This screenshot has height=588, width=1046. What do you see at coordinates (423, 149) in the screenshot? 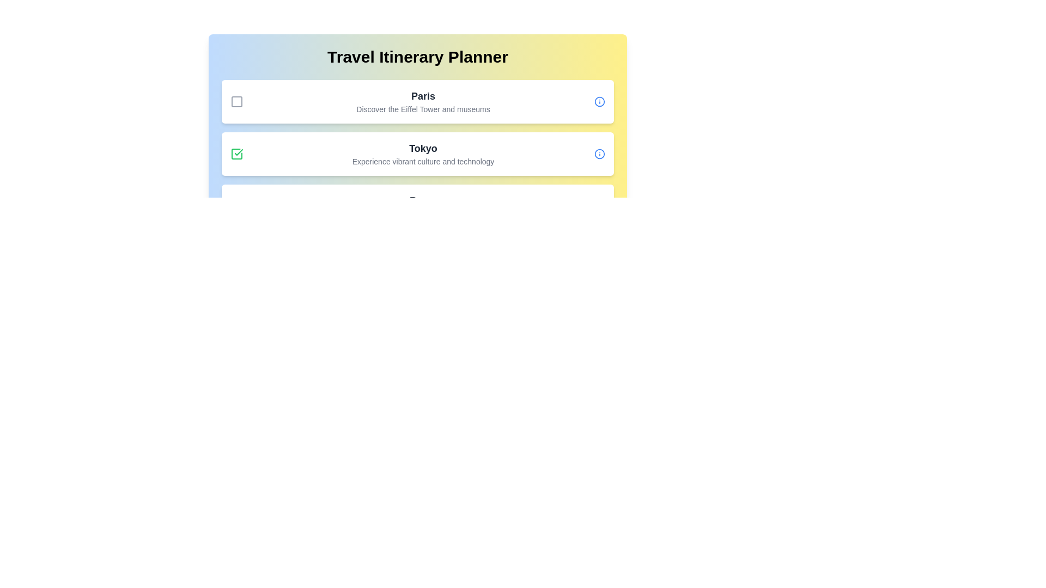
I see `the Text label indicating a destination in a travel itinerary, positioned below 'Paris' and above the subtext of Tokyo` at bounding box center [423, 149].